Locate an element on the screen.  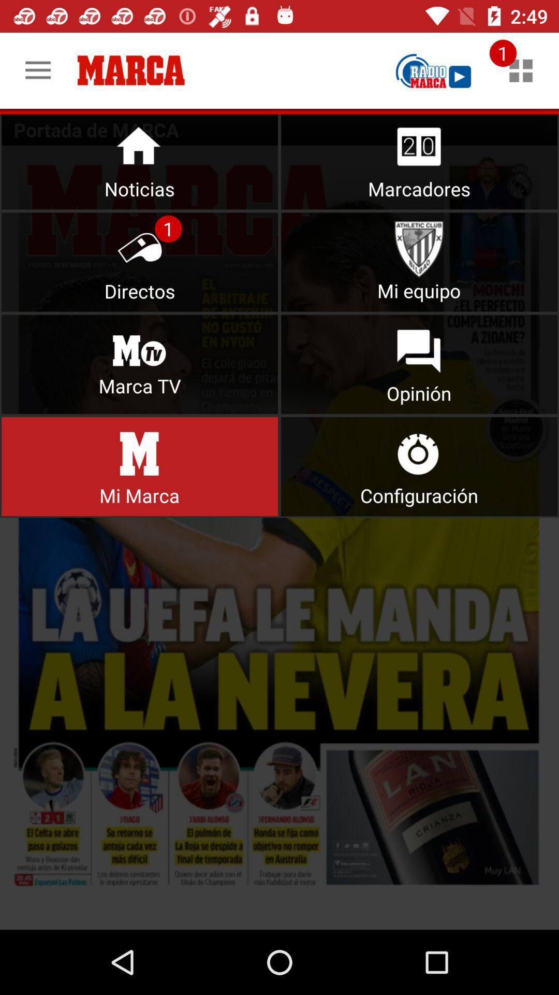
talk to other uses is located at coordinates (419, 364).